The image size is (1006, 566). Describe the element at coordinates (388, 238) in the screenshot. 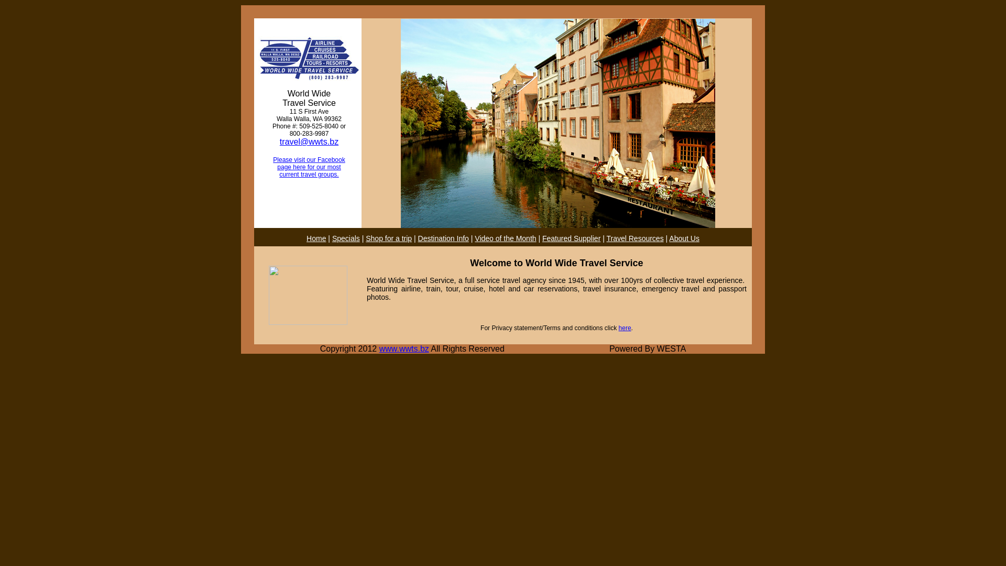

I see `'Shop for a trip'` at that location.